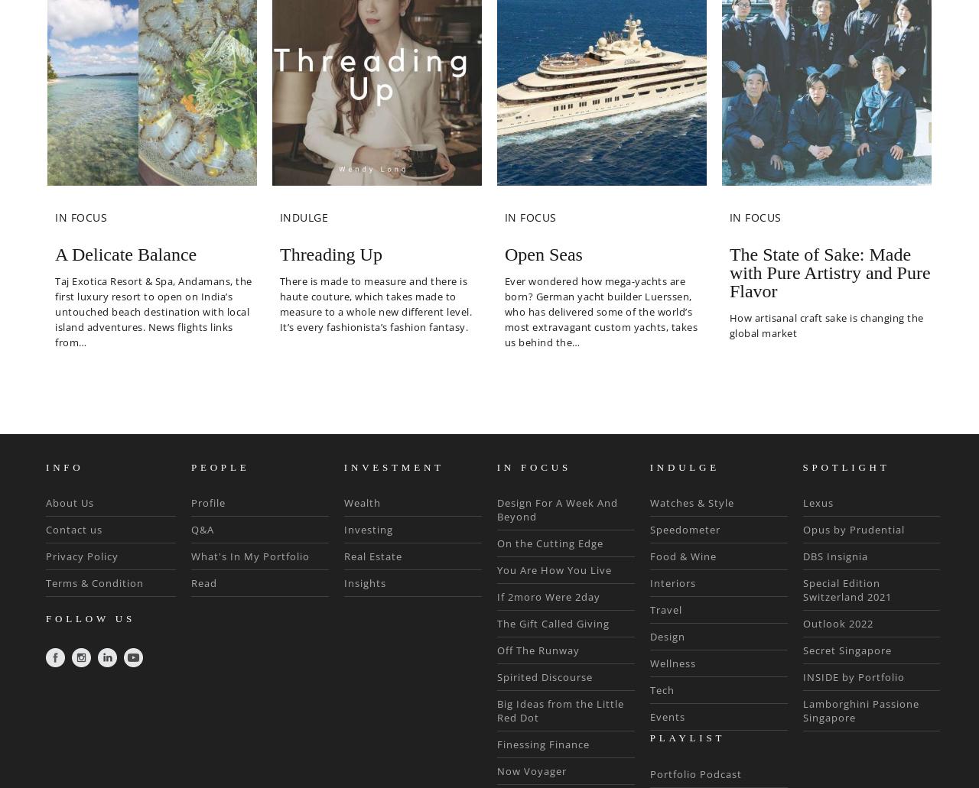 Image resolution: width=979 pixels, height=788 pixels. Describe the element at coordinates (219, 465) in the screenshot. I see `'PEOPLE'` at that location.